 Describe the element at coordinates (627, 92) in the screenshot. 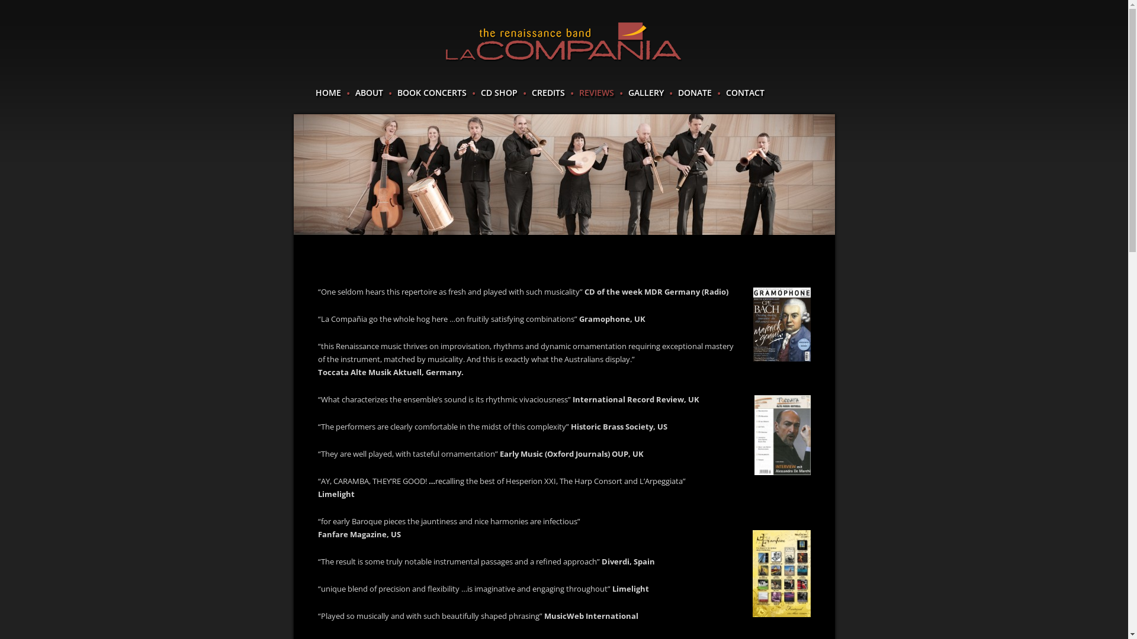

I see `'GALLERY'` at that location.